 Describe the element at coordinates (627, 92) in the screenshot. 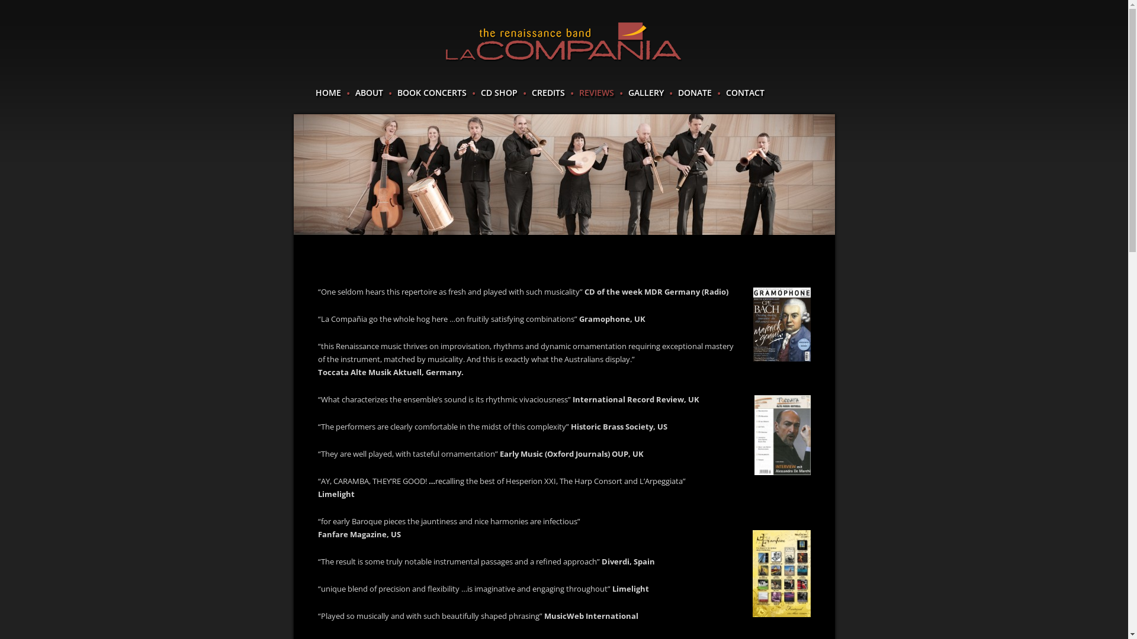

I see `'GALLERY'` at that location.